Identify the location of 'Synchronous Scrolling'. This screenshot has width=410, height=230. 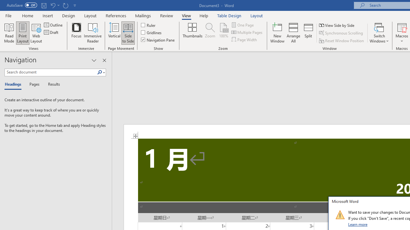
(341, 33).